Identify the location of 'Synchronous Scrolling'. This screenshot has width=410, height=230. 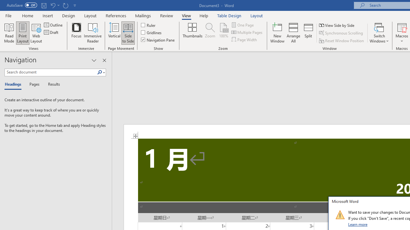
(341, 33).